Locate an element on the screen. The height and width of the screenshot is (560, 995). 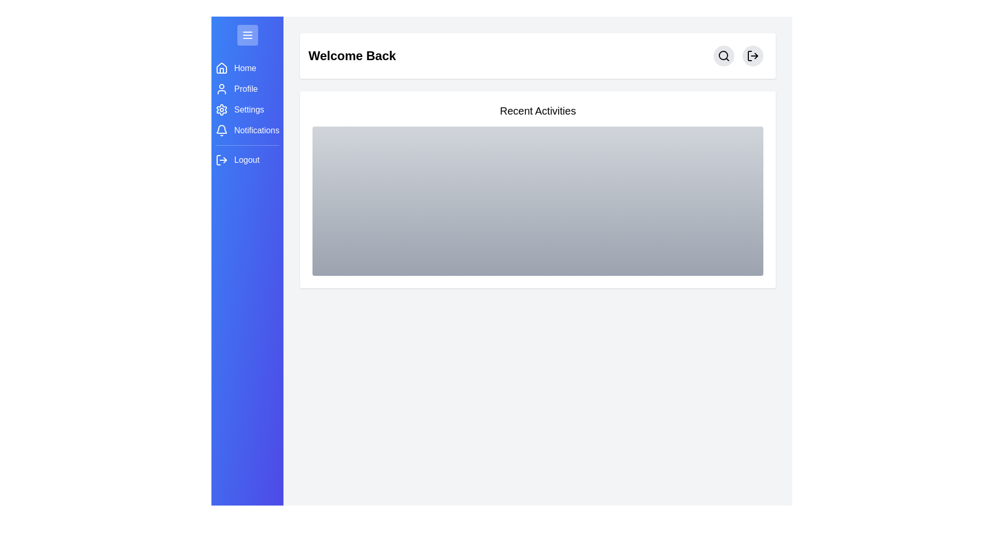
the 'Logout' button with a blue background and an outward pointing arrow icon, located at the bottom of the vertical menu panel on the left side of the interface is located at coordinates (247, 160).